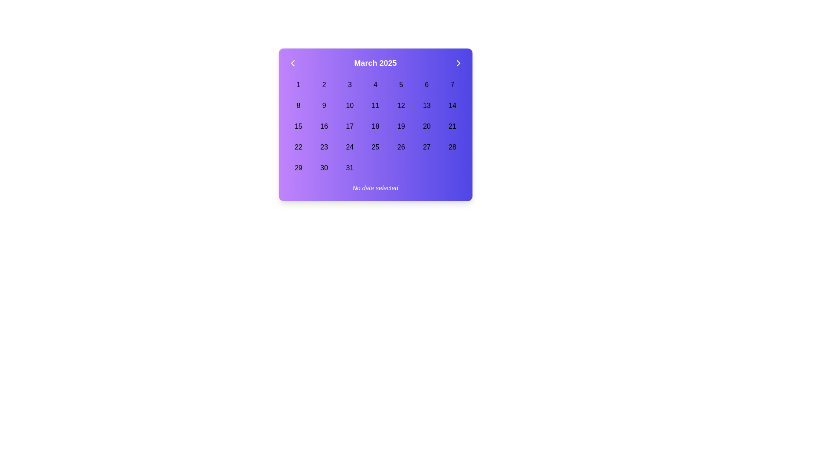  I want to click on the button representing the 26th day of the displayed month in the calendar grid, so click(400, 146).